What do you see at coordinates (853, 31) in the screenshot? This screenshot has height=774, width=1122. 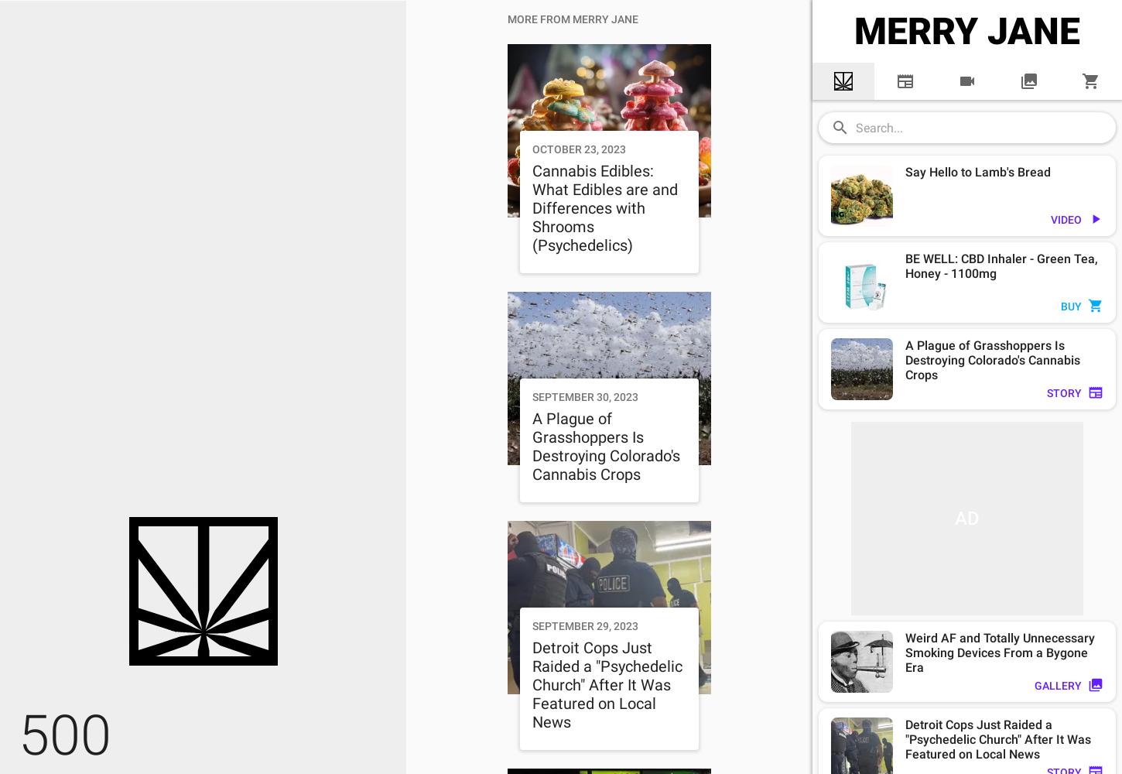 I see `'MERRY JANE'` at bounding box center [853, 31].